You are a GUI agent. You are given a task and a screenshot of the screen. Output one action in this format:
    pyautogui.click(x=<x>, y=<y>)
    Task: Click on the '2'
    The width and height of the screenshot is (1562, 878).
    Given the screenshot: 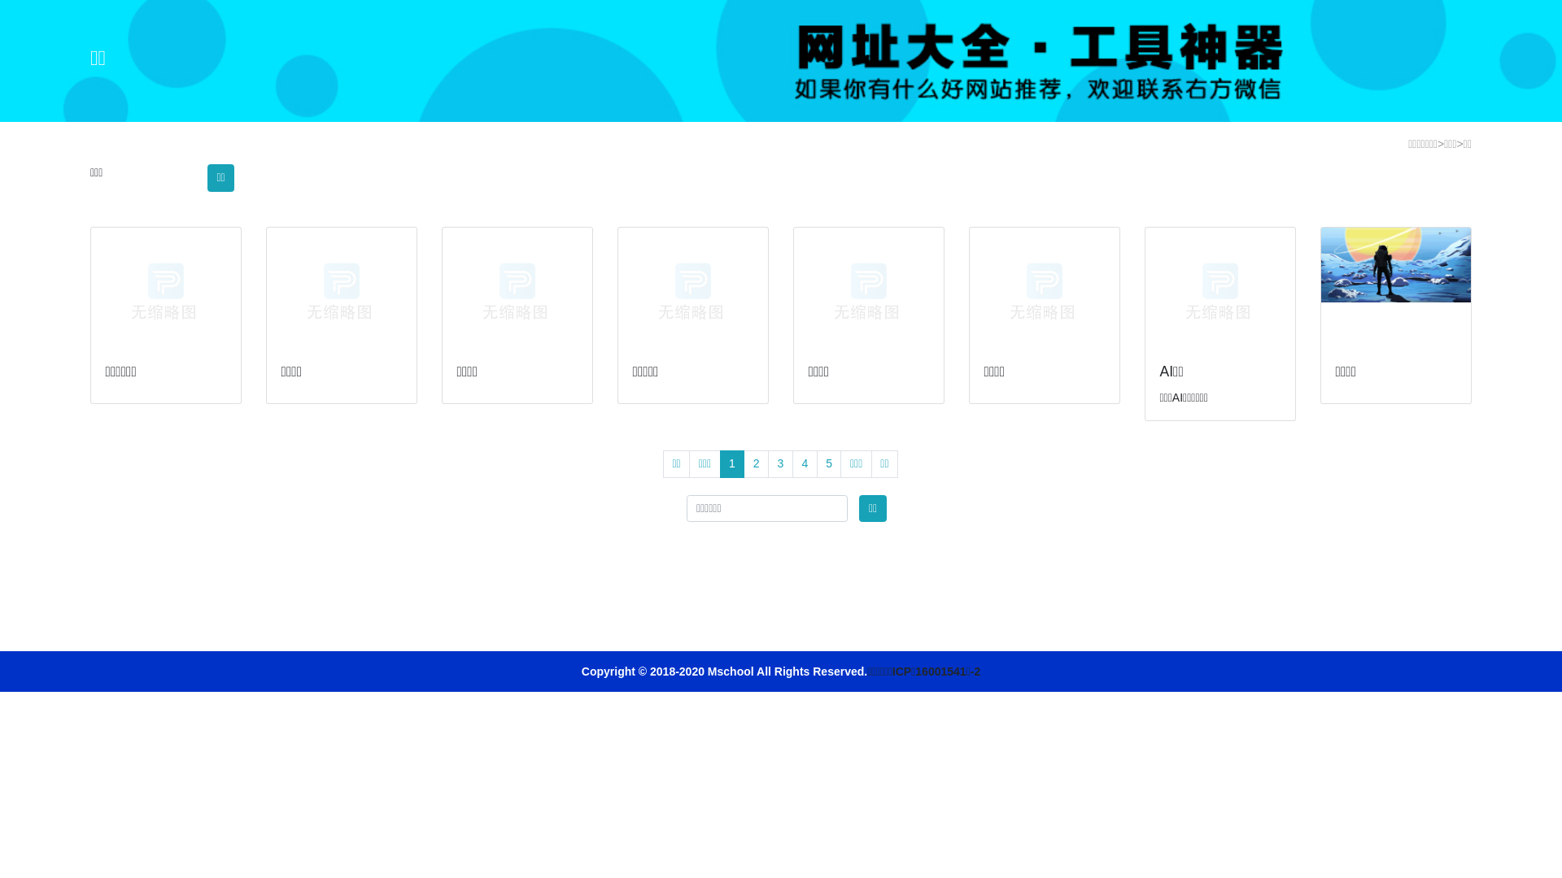 What is the action you would take?
    pyautogui.click(x=742, y=463)
    